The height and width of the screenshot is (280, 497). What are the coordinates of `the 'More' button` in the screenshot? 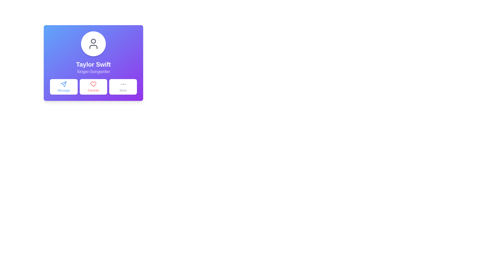 It's located at (123, 87).